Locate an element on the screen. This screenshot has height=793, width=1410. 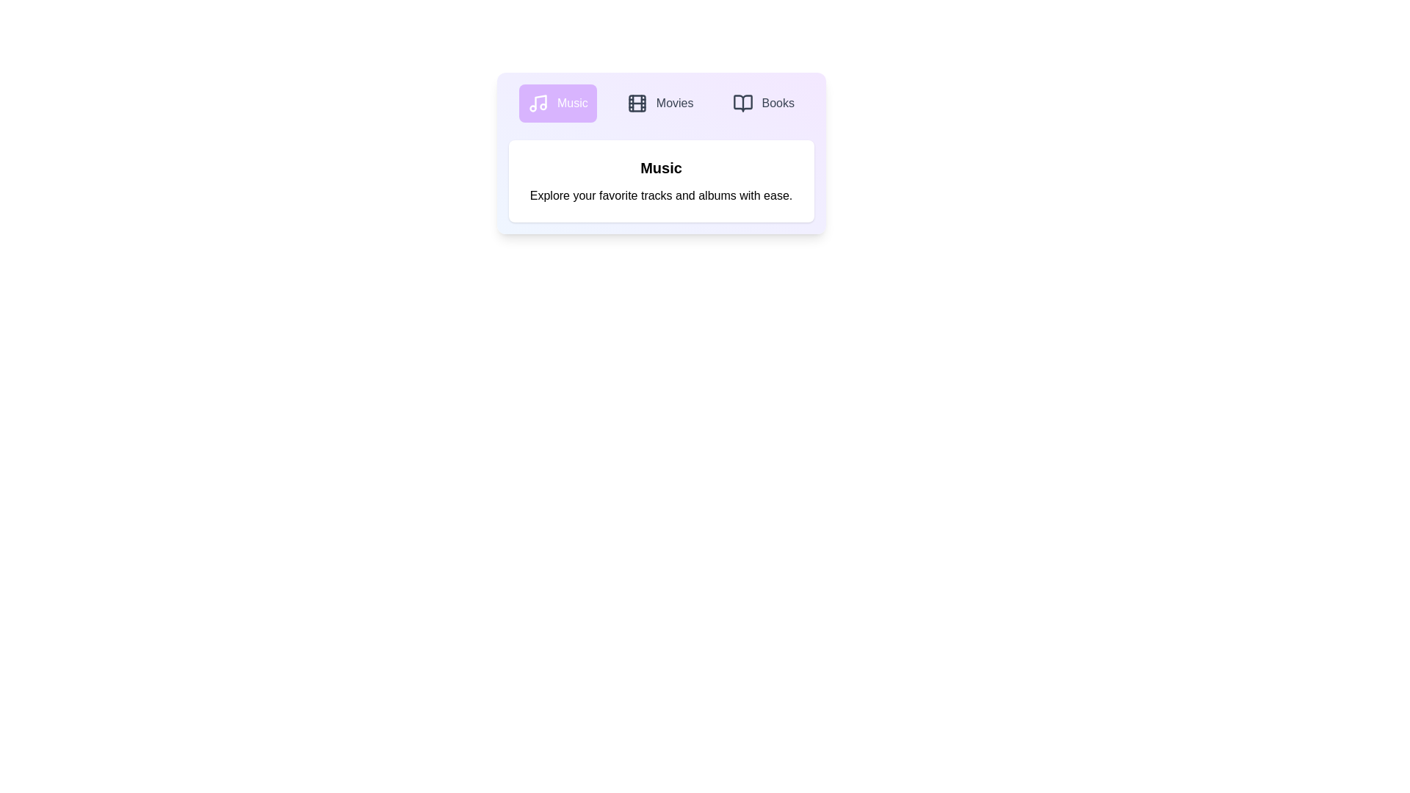
the Books tab to explore its content is located at coordinates (762, 103).